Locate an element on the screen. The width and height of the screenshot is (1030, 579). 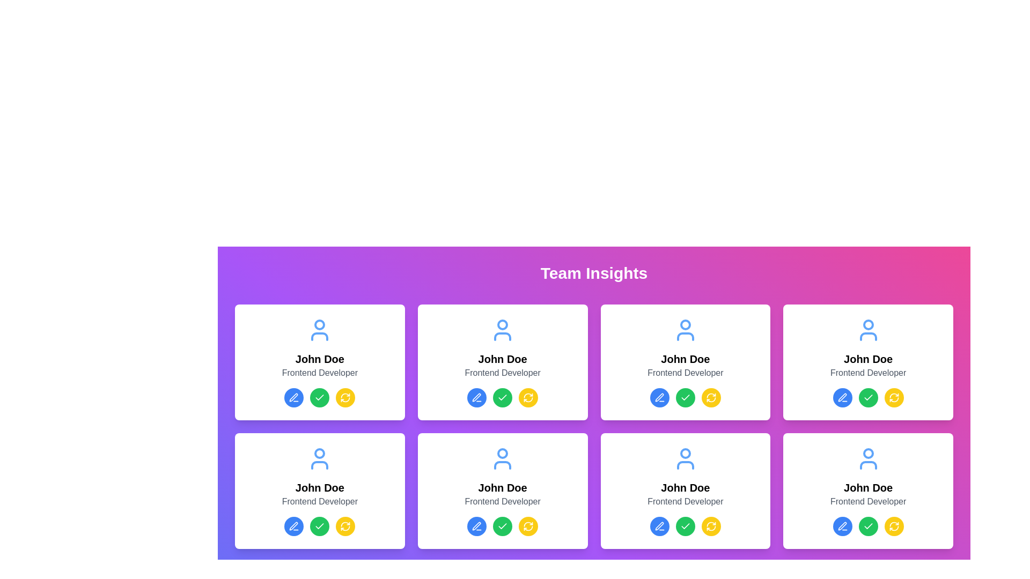
the fourth profile card in the grid layout, which is in the first row and rightmost position is located at coordinates (868, 362).